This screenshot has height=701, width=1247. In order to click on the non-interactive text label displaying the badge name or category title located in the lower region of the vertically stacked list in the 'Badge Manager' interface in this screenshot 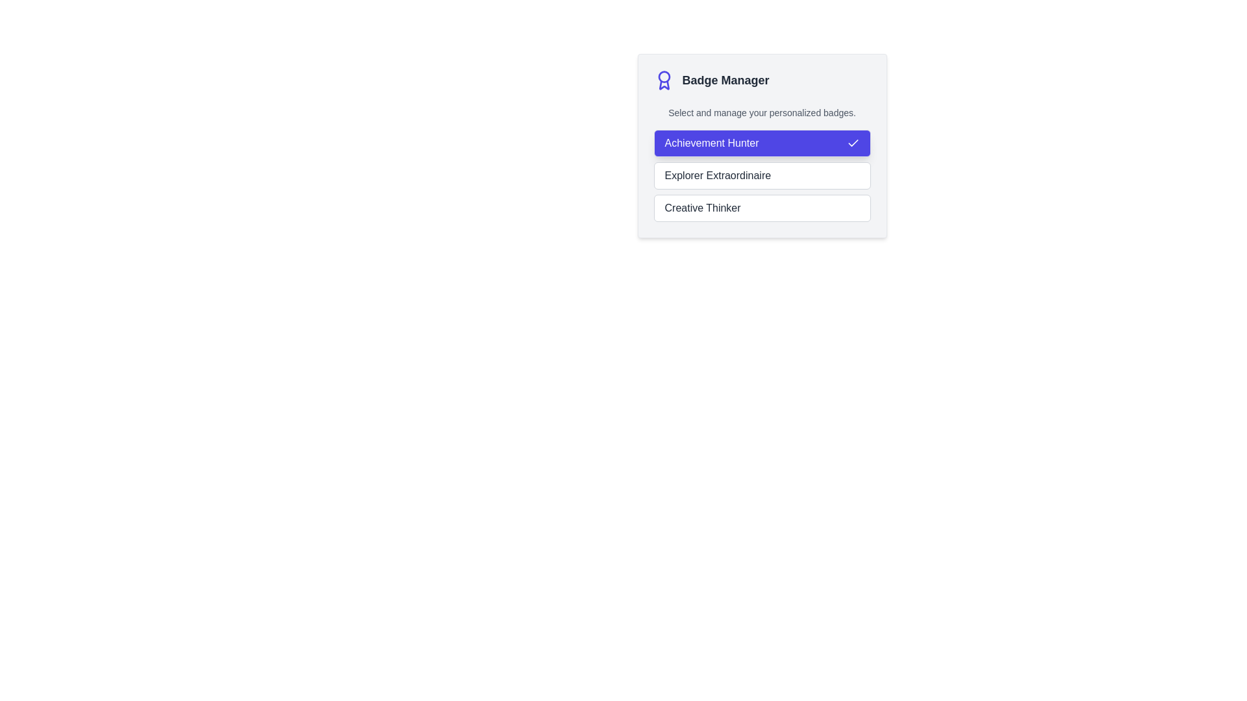, I will do `click(702, 207)`.